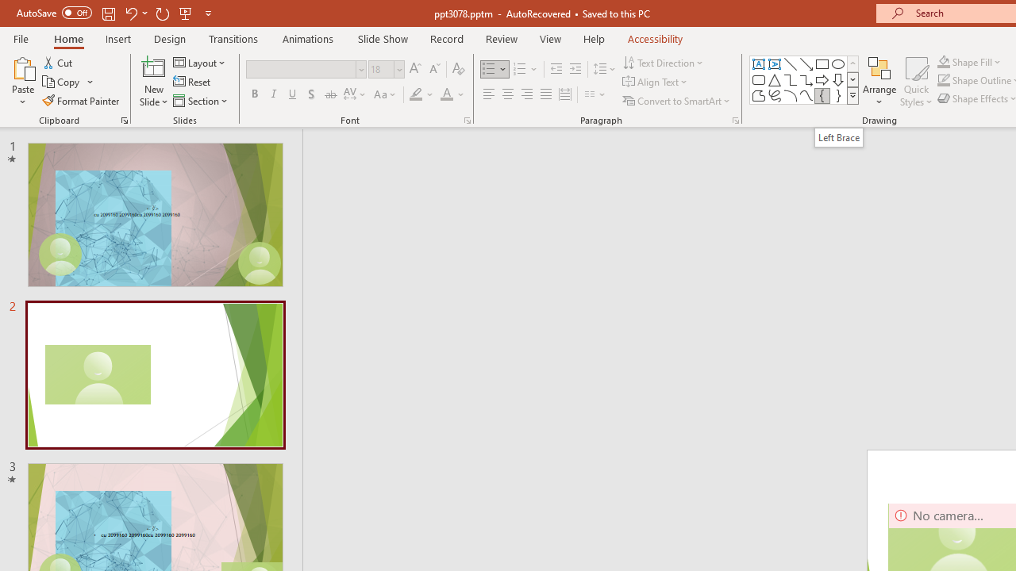 This screenshot has height=571, width=1016. Describe the element at coordinates (329, 94) in the screenshot. I see `'Strikethrough'` at that location.